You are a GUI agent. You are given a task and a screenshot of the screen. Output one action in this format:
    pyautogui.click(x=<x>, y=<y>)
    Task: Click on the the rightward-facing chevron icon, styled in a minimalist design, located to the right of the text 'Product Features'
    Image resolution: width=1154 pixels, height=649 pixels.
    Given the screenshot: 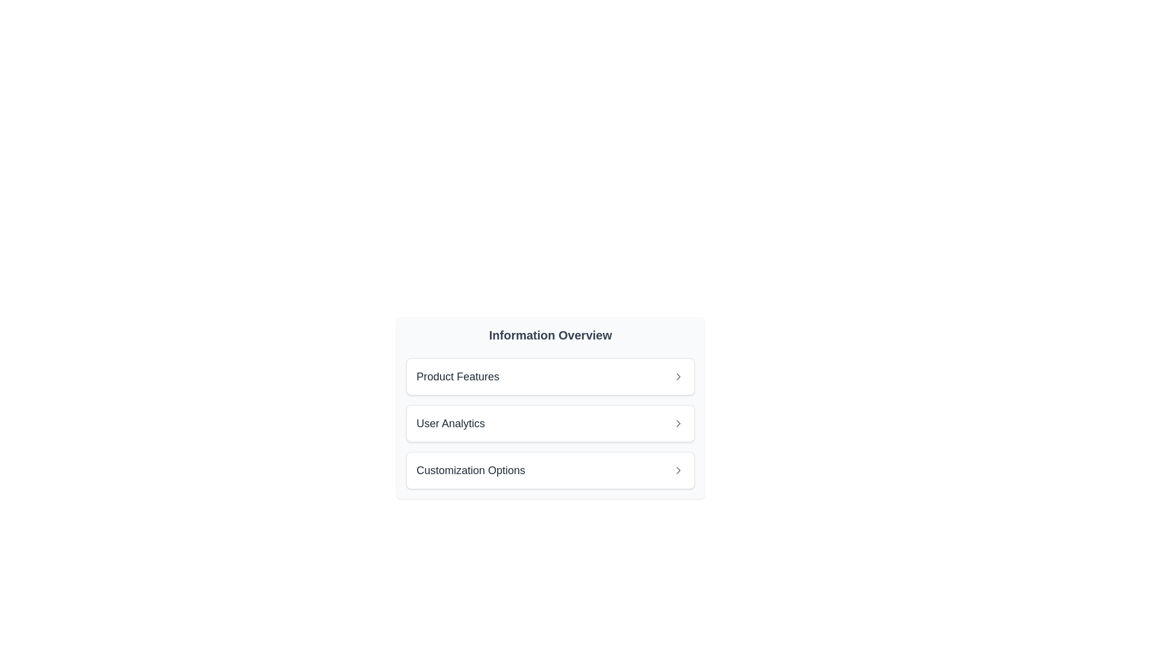 What is the action you would take?
    pyautogui.click(x=678, y=376)
    